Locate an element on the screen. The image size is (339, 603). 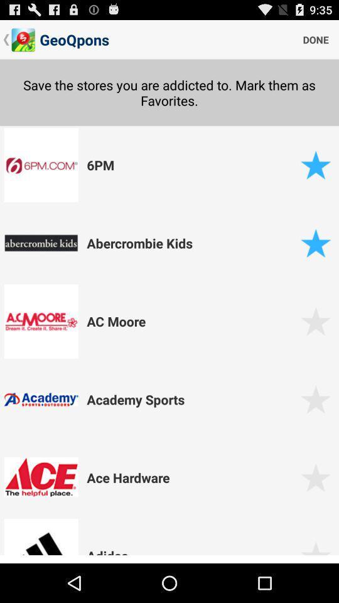
the done icon is located at coordinates (315, 39).